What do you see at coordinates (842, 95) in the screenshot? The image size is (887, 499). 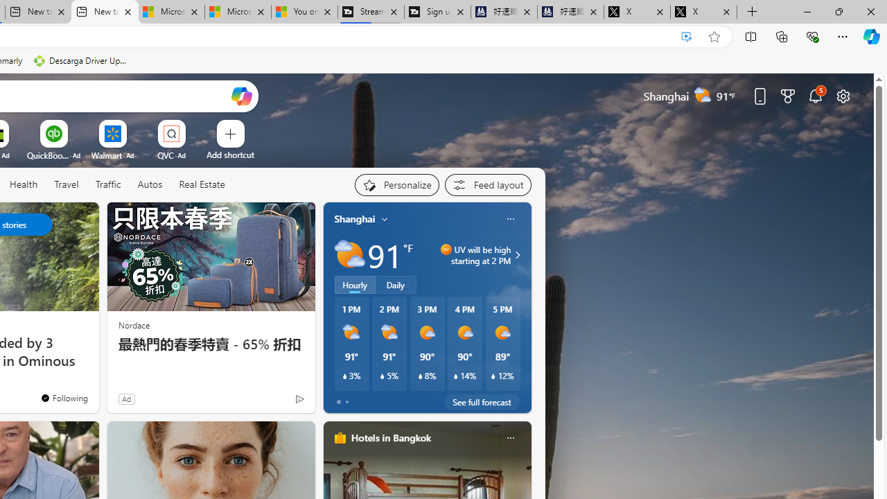 I see `'Page settings'` at bounding box center [842, 95].